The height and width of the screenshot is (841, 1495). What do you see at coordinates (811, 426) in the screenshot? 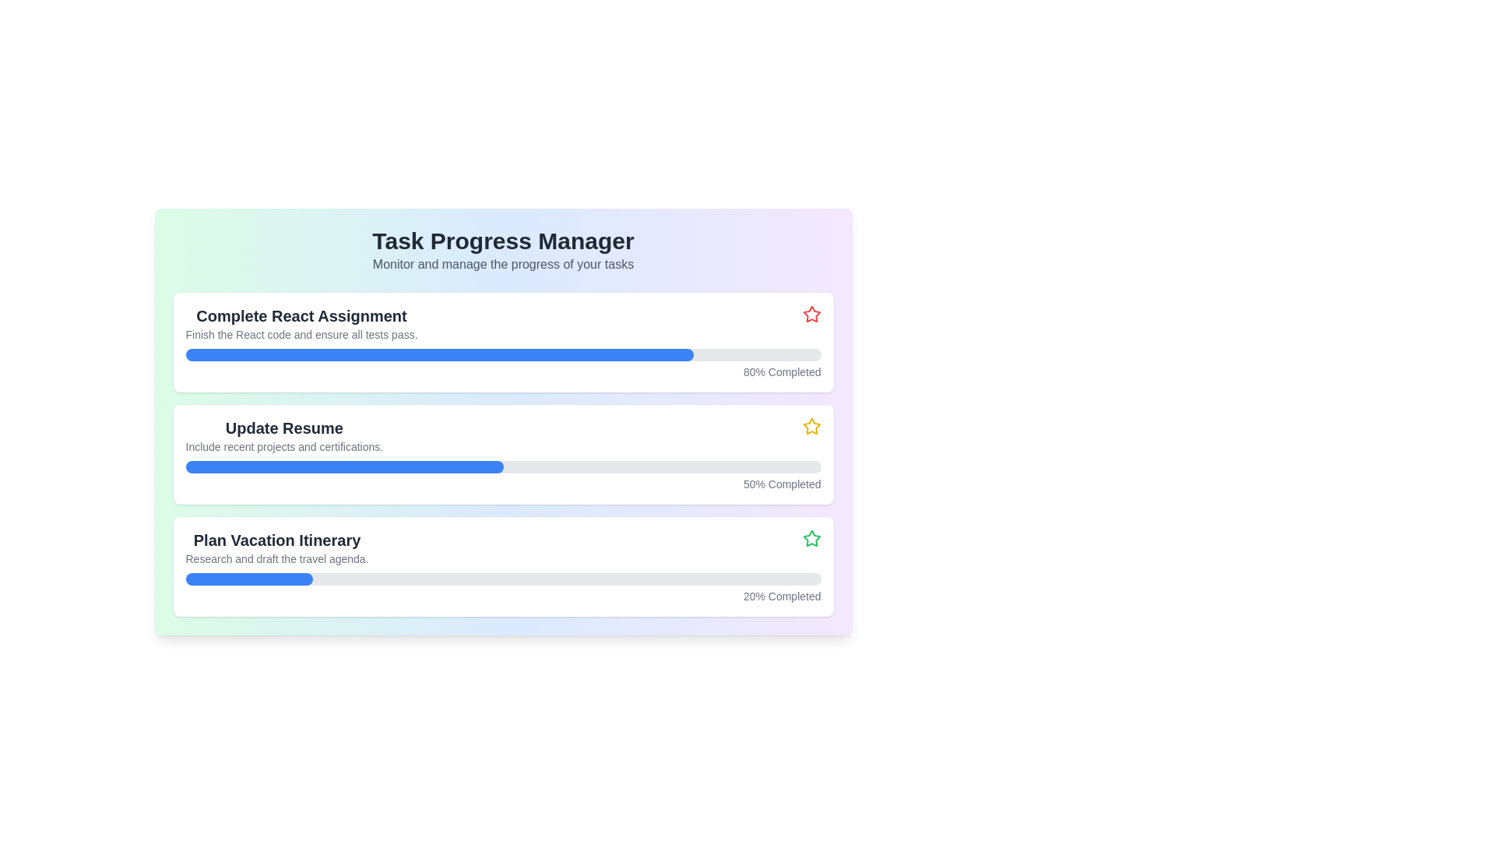
I see `the star icon with a hollow outline and yellow color, located at the top-right corner of the task card labeled 'Update Resume'` at bounding box center [811, 426].